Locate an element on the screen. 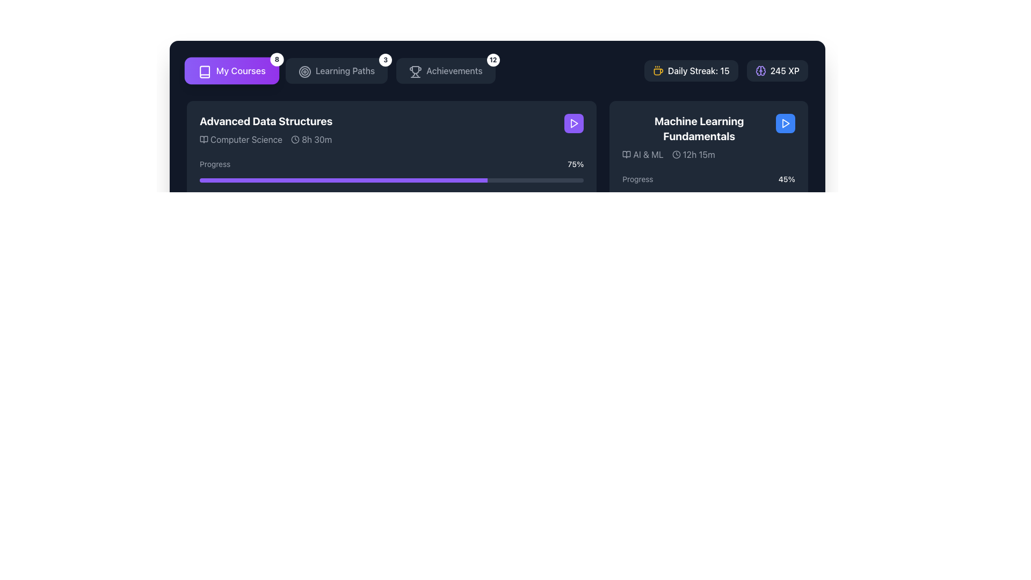  the circular counter badge displaying '12' at the top-right corner of the 'Achievements' UI component to associate the count with the 'Achievements' section is located at coordinates (492, 60).